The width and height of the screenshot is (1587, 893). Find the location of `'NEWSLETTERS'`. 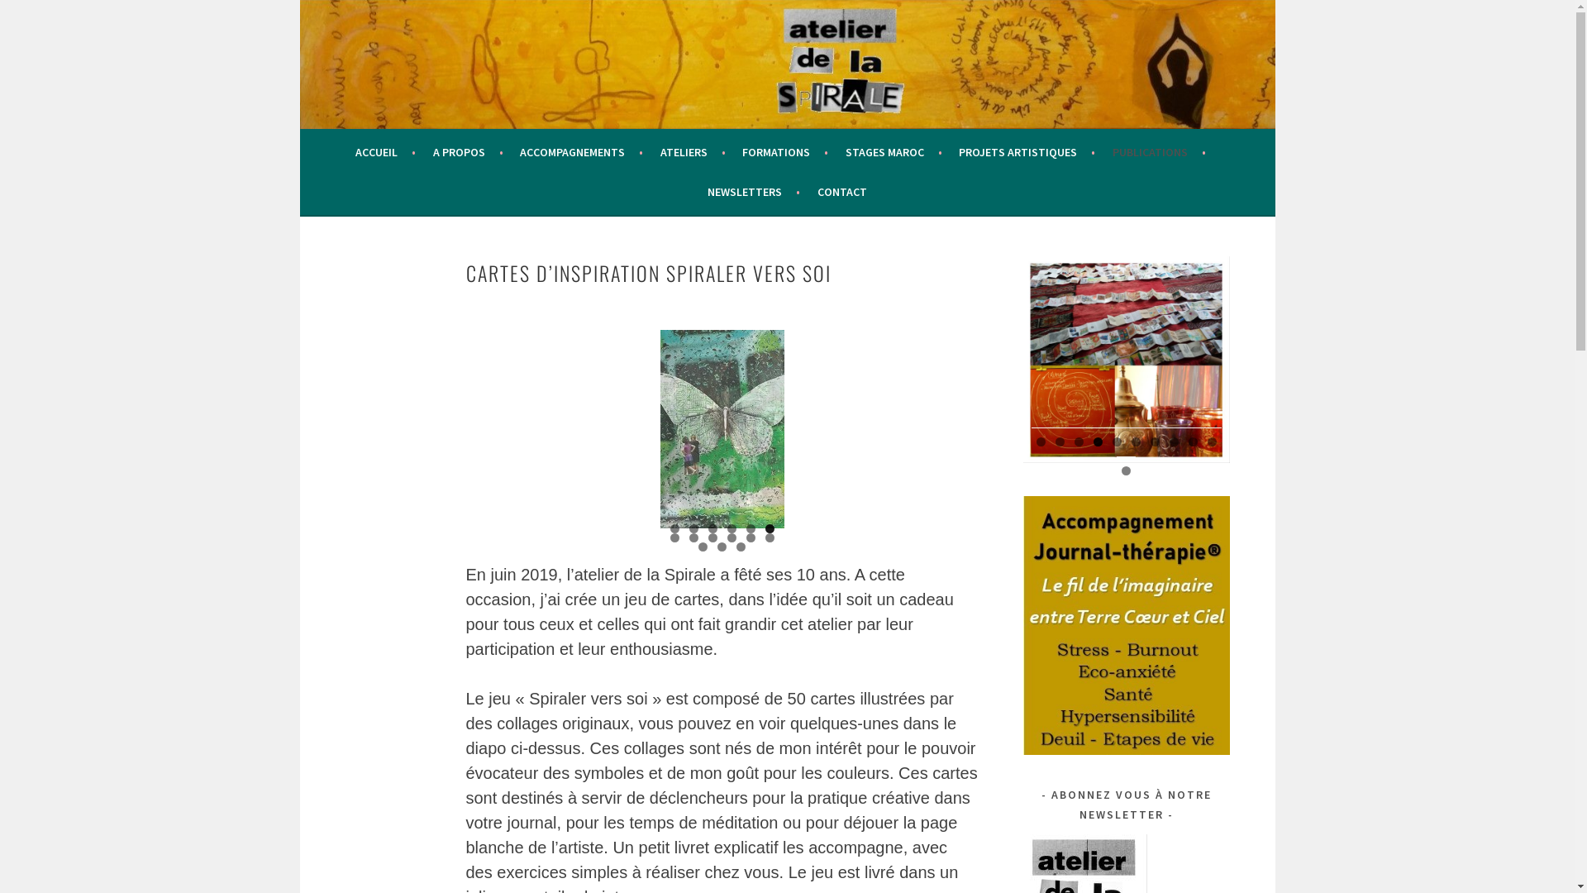

'NEWSLETTERS' is located at coordinates (753, 190).